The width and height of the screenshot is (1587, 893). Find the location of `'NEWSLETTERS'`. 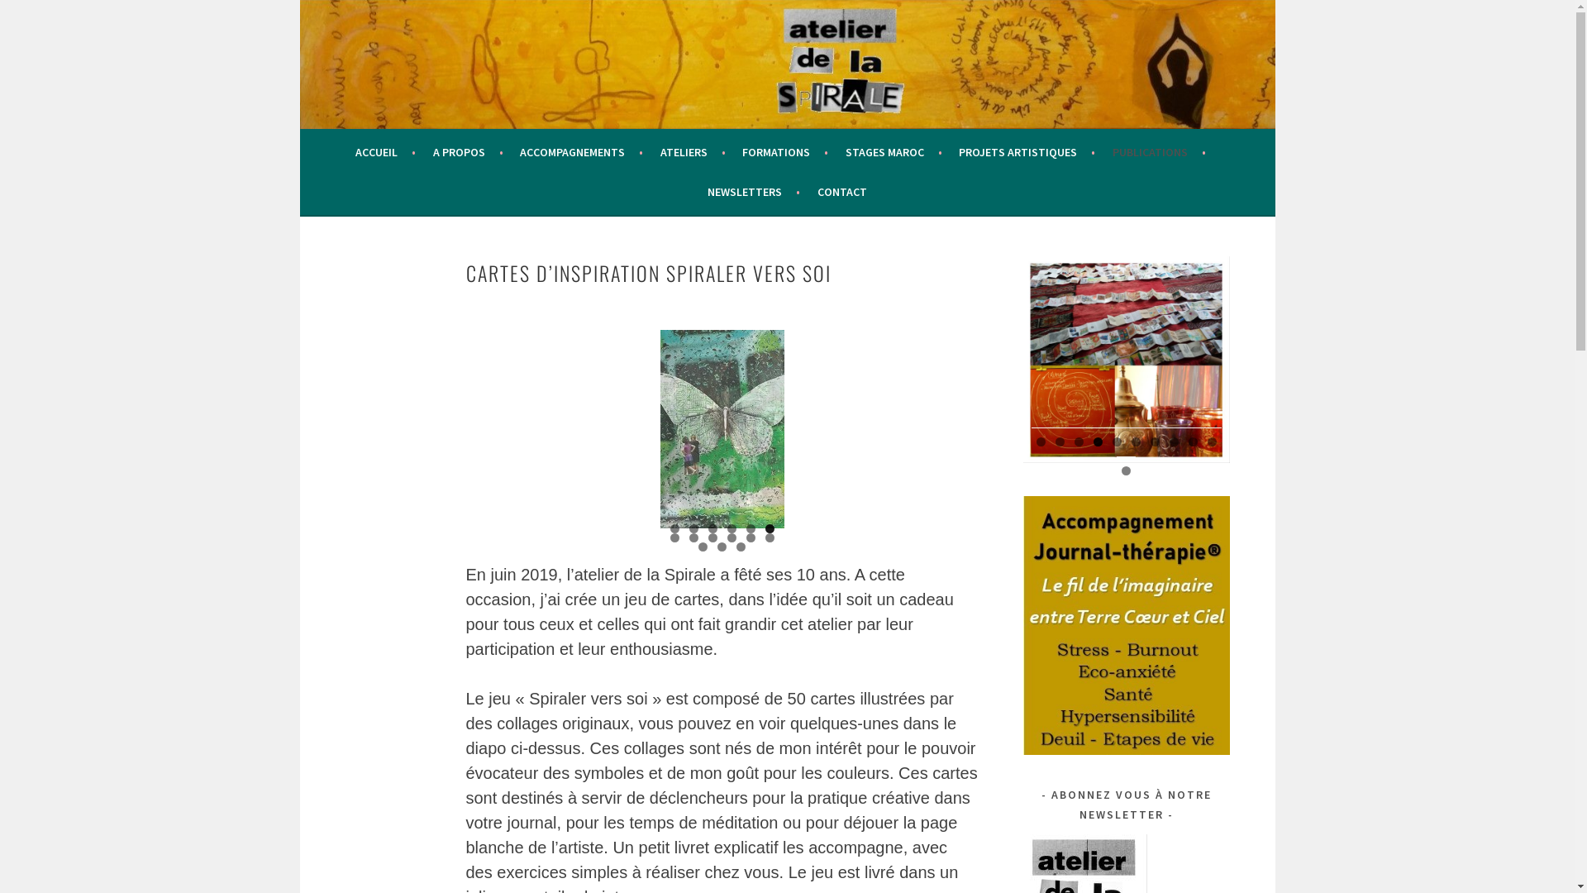

'NEWSLETTERS' is located at coordinates (753, 190).